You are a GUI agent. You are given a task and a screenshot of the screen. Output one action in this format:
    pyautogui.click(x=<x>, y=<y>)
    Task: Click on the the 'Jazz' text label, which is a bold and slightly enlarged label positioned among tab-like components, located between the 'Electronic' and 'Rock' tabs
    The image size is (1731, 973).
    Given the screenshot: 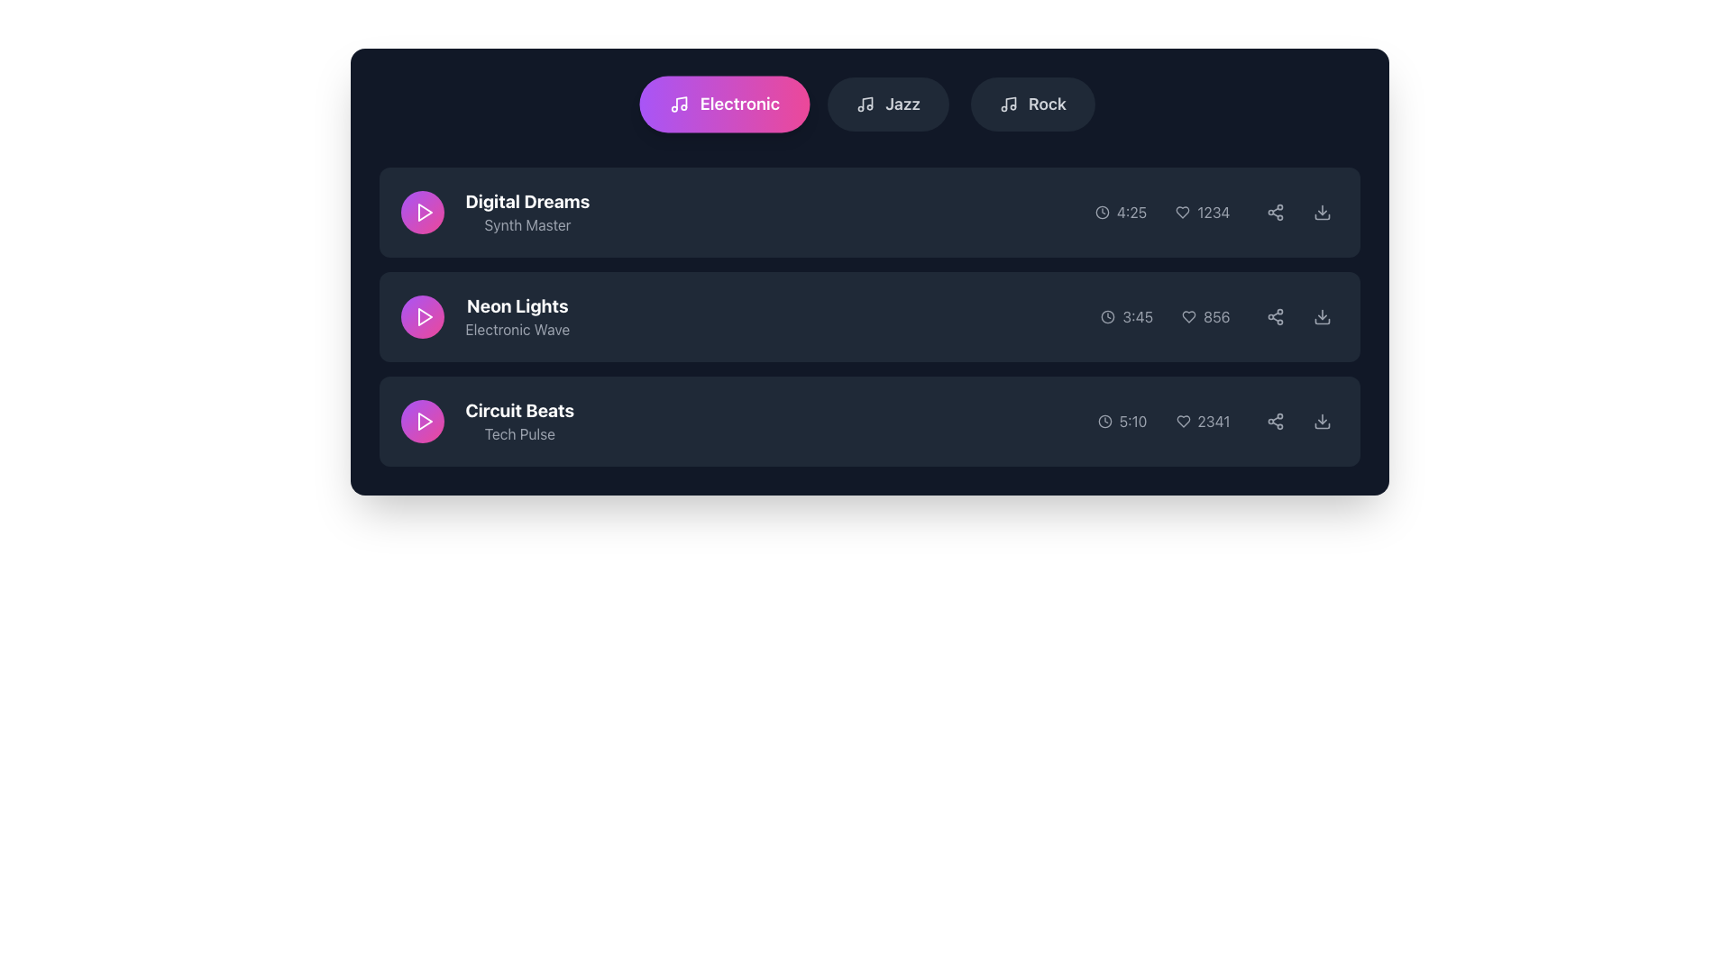 What is the action you would take?
    pyautogui.click(x=902, y=104)
    